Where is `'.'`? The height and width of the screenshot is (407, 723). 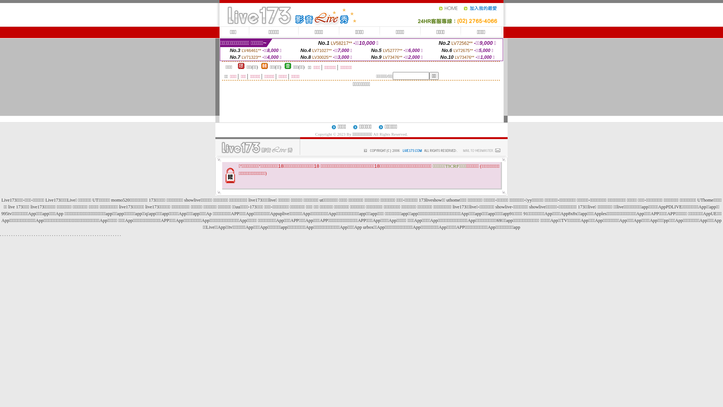 '.' is located at coordinates (23, 234).